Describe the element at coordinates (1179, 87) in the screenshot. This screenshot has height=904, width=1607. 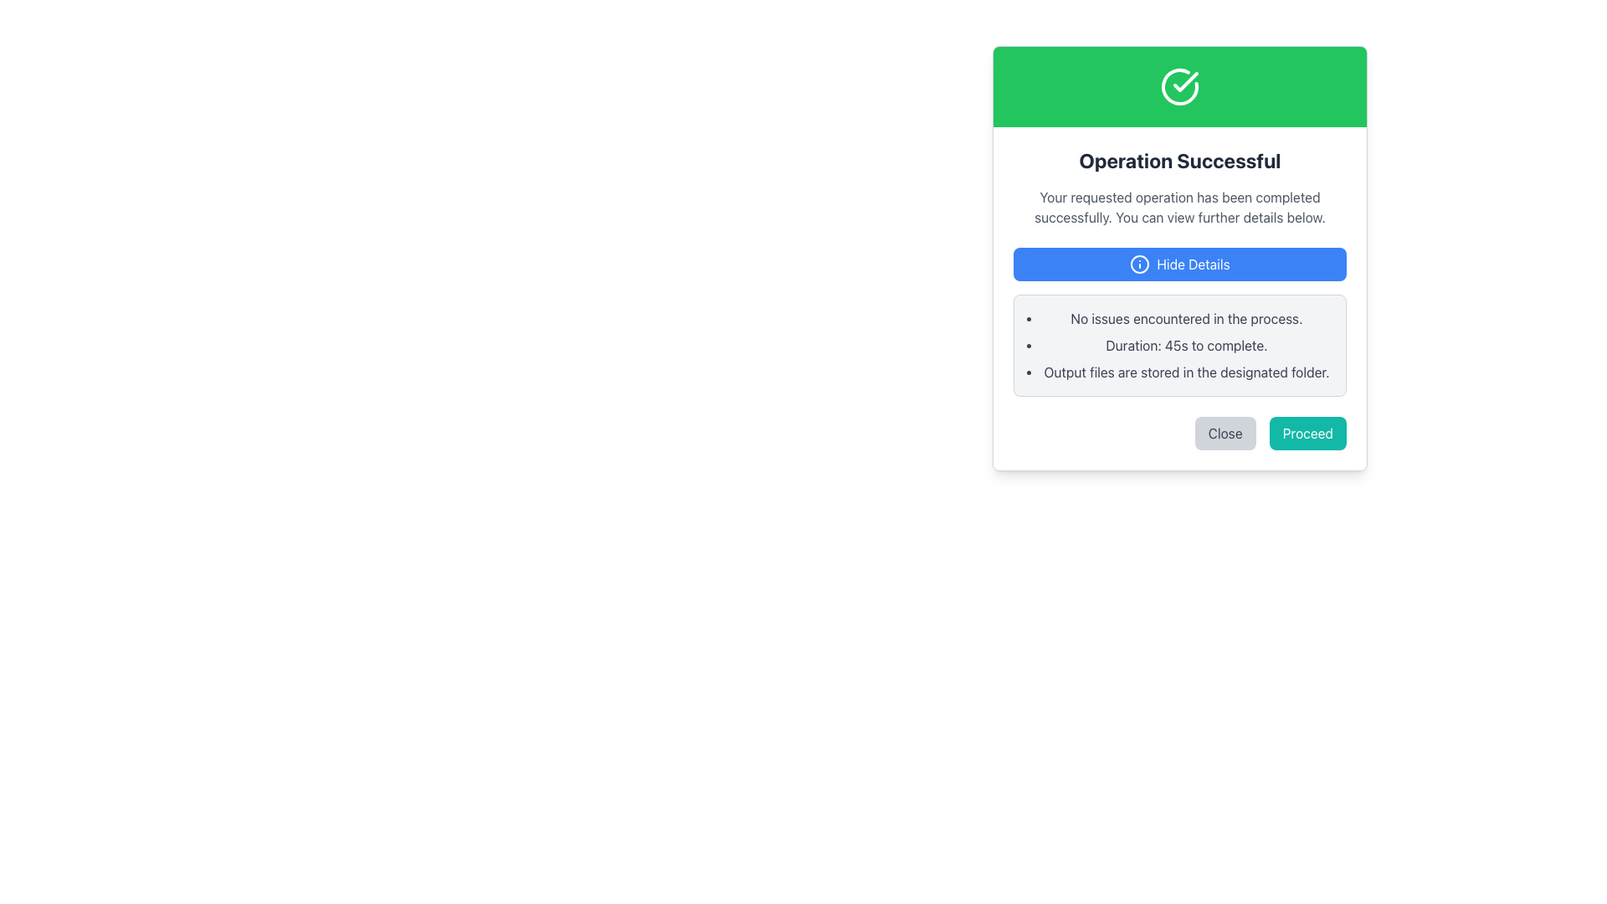
I see `the Decorative status header which visually indicates a successful operation with a green color and checkmark icon, located at the top of the dialog box above the text 'Operation Successful'` at that location.